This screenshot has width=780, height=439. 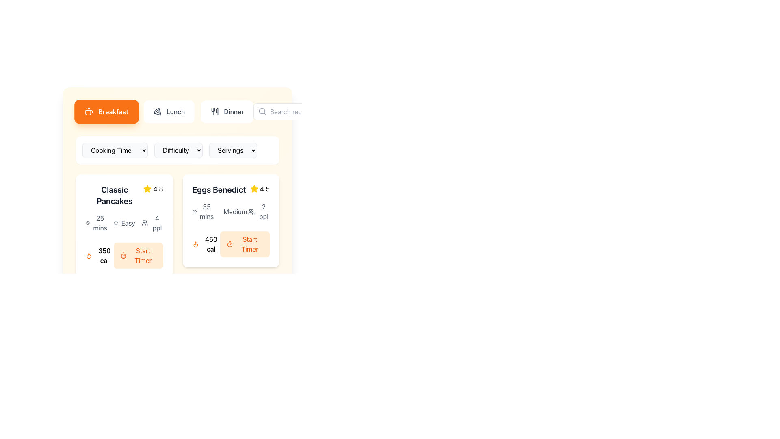 What do you see at coordinates (153, 189) in the screenshot?
I see `the rating indicator element for 'Classic Pancakes', which consists of a star icon and a numerical value indicating the rating, located at the top-right corner of the card` at bounding box center [153, 189].